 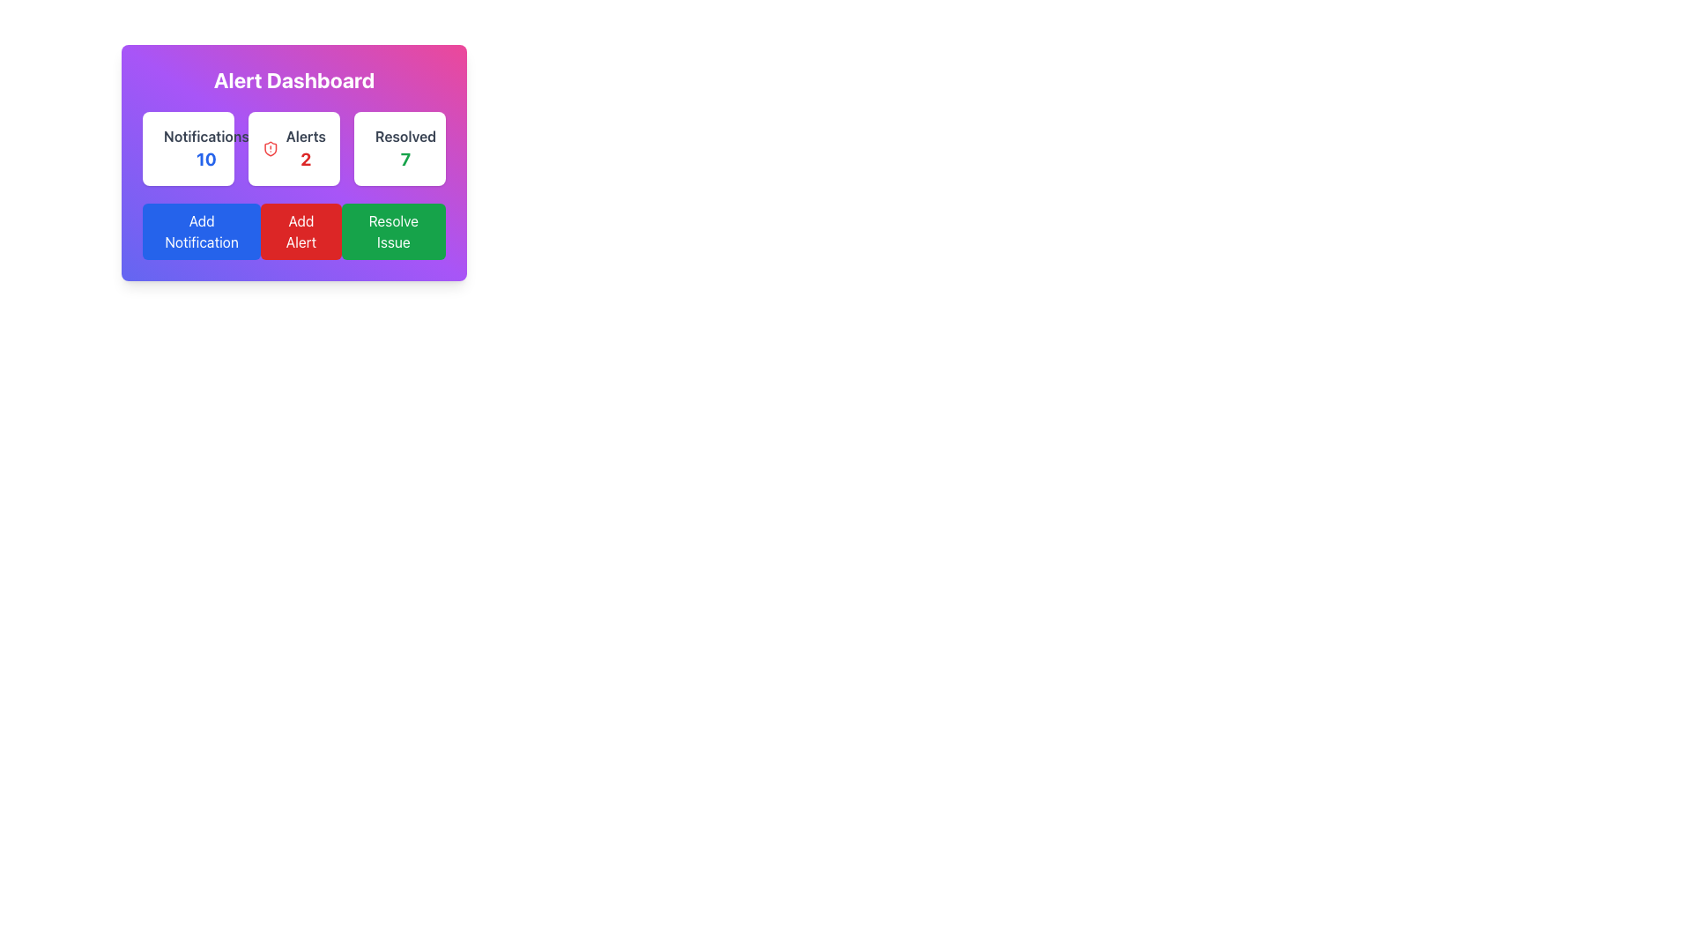 What do you see at coordinates (206, 148) in the screenshot?
I see `the 'Notifications' text display element that shows the number '10' in the leftmost card of the 'Alert Dashboard'` at bounding box center [206, 148].